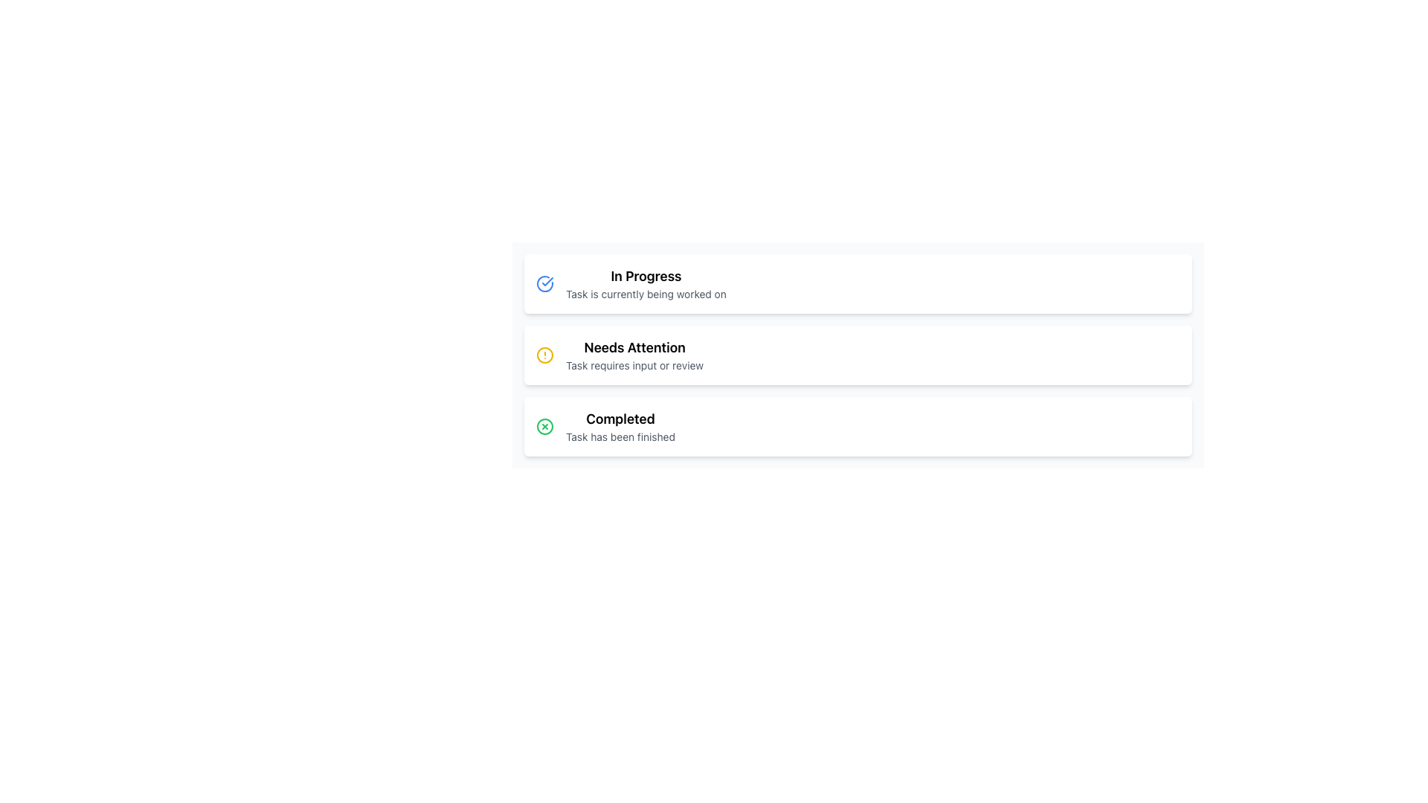 The width and height of the screenshot is (1428, 803). Describe the element at coordinates (634, 355) in the screenshot. I see `the unresolved task represented by the Text Display with Icon for review, located in the middle of the task list` at that location.